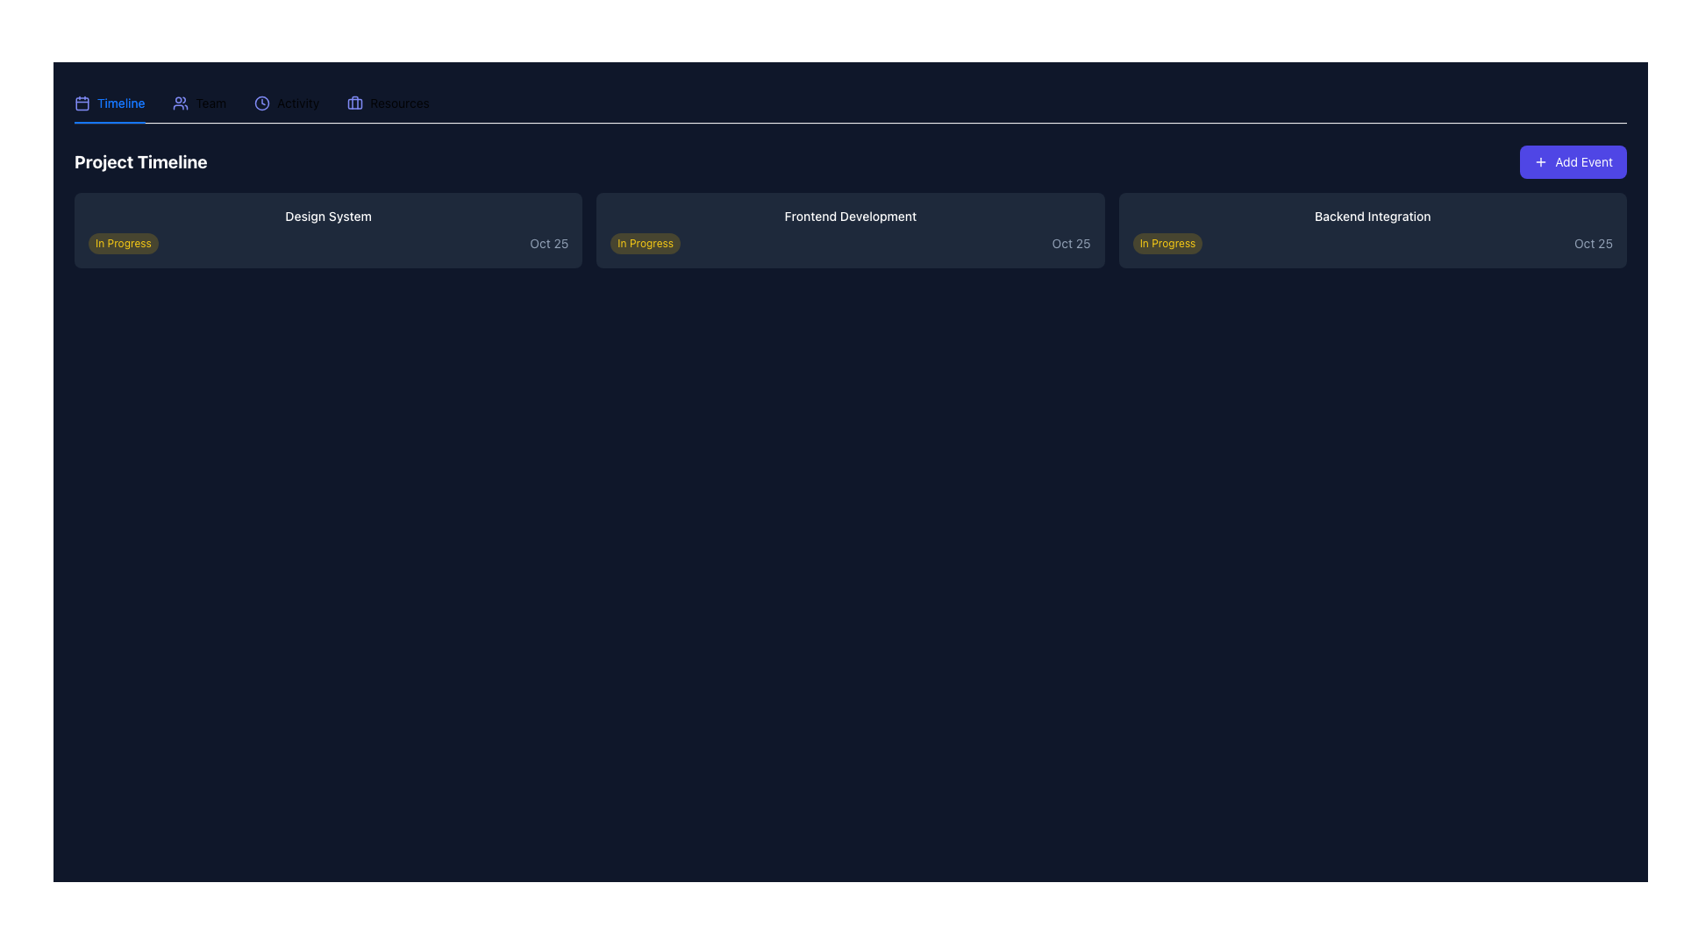 The height and width of the screenshot is (947, 1684). I want to click on the static text displaying the date 'Oct 25' which is located on the far right side of the timeline item titled 'Backend Integration', adjacent to the 'In Progress' status badge, so click(1593, 243).